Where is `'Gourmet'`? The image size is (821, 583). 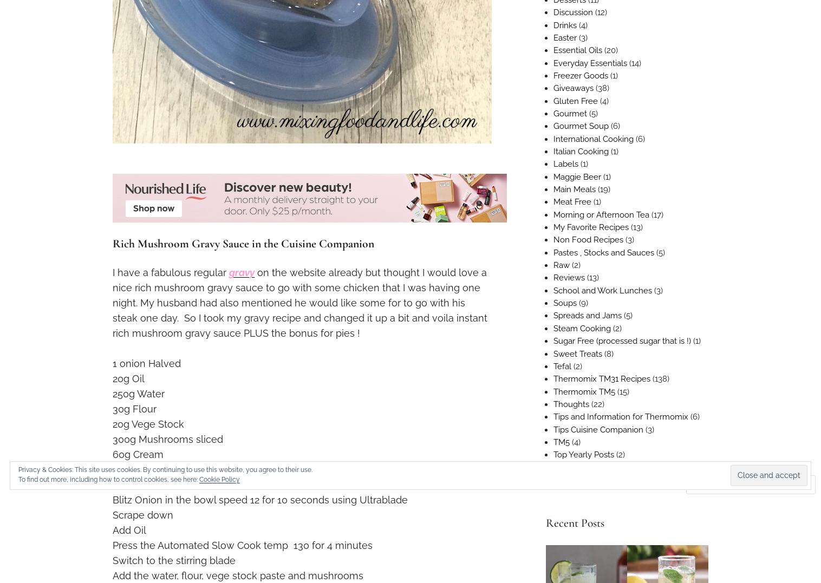
'Gourmet' is located at coordinates (569, 113).